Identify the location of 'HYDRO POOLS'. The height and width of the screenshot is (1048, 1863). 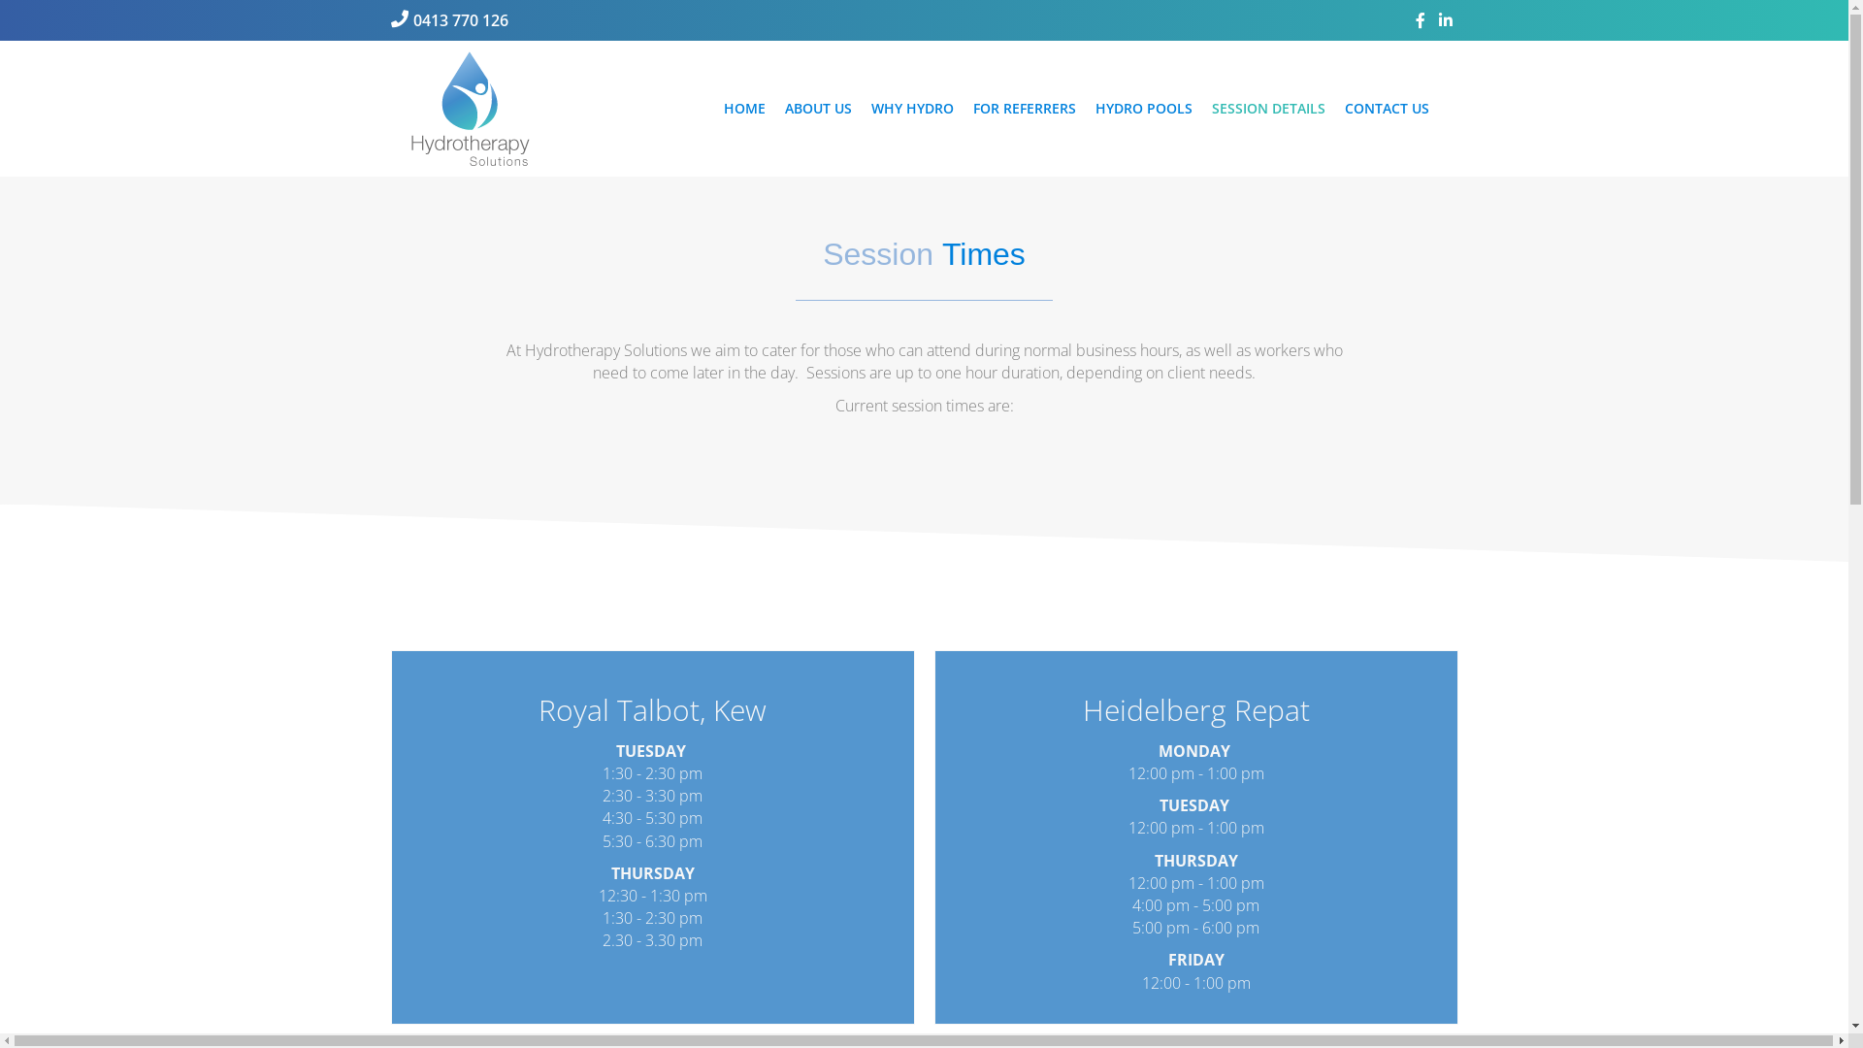
(1142, 108).